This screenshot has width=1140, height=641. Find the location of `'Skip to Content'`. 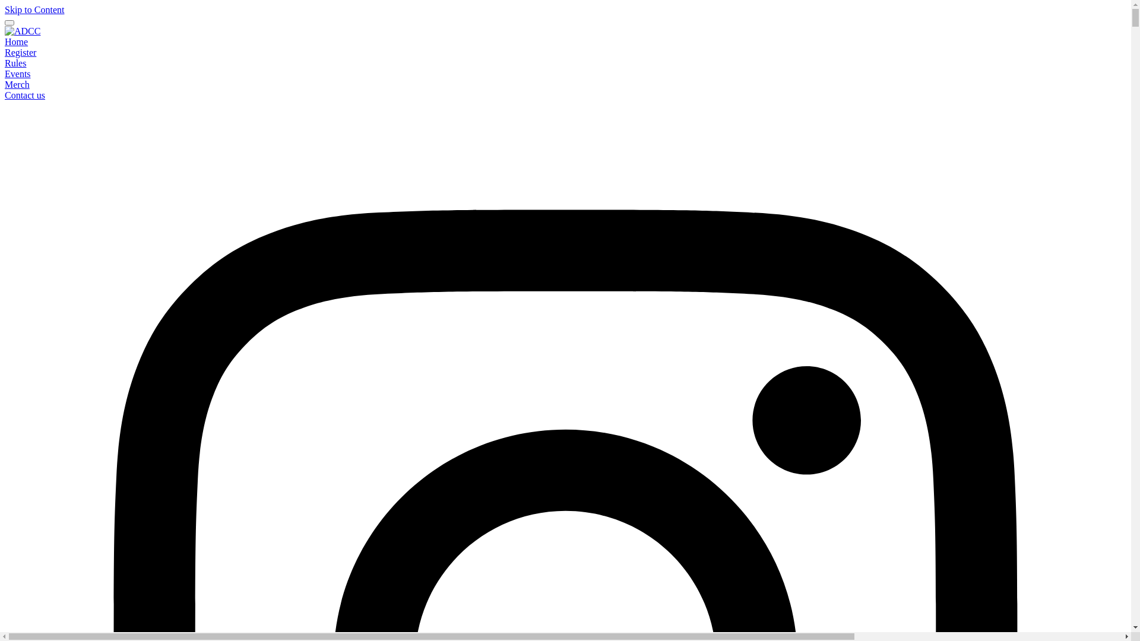

'Skip to Content' is located at coordinates (34, 9).